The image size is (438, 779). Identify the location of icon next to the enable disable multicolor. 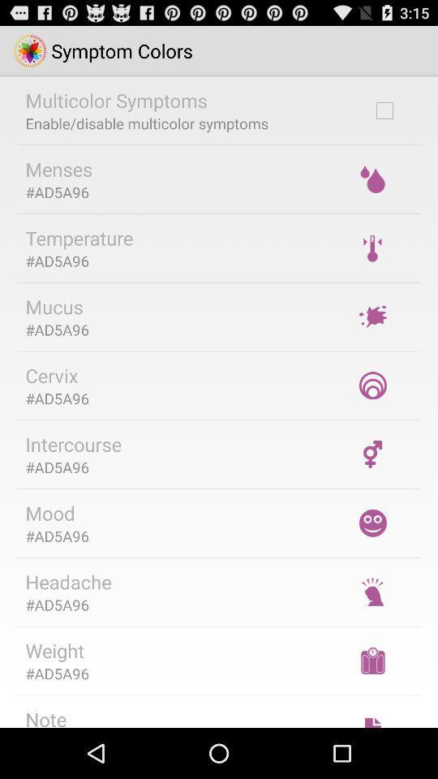
(384, 110).